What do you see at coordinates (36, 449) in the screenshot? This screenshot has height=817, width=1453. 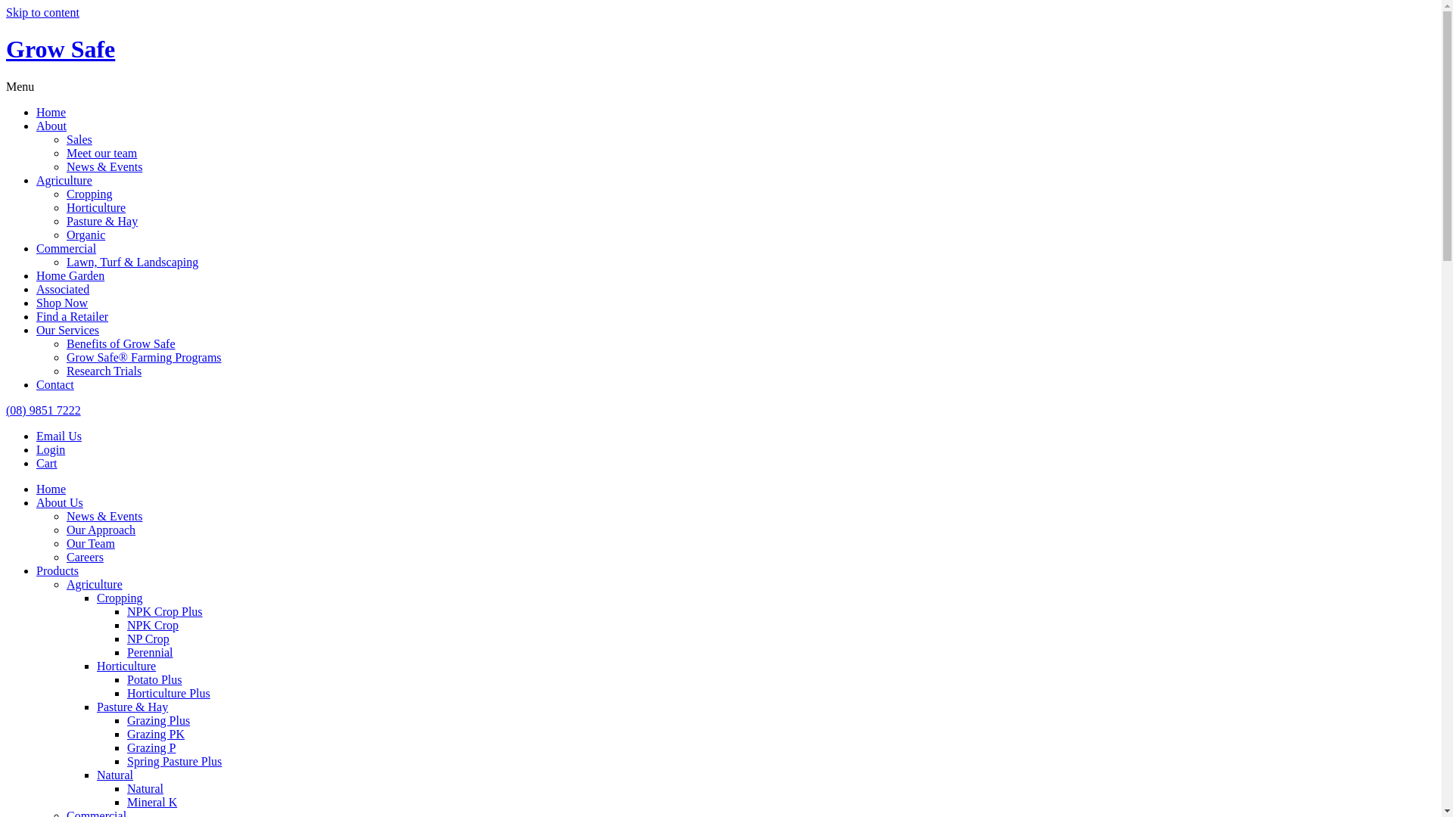 I see `'Login'` at bounding box center [36, 449].